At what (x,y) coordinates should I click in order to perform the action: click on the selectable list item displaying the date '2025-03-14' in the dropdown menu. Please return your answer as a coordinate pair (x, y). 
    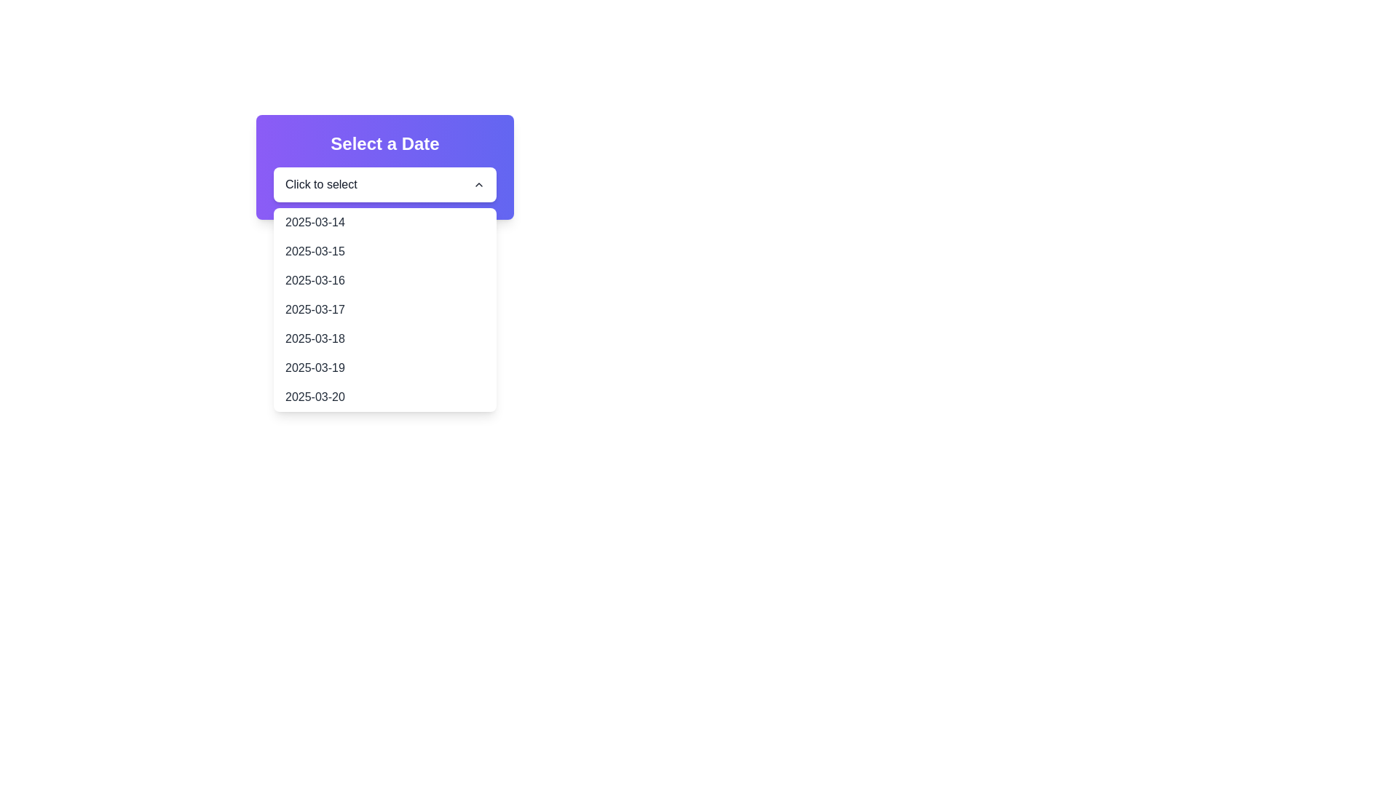
    Looking at the image, I should click on (314, 222).